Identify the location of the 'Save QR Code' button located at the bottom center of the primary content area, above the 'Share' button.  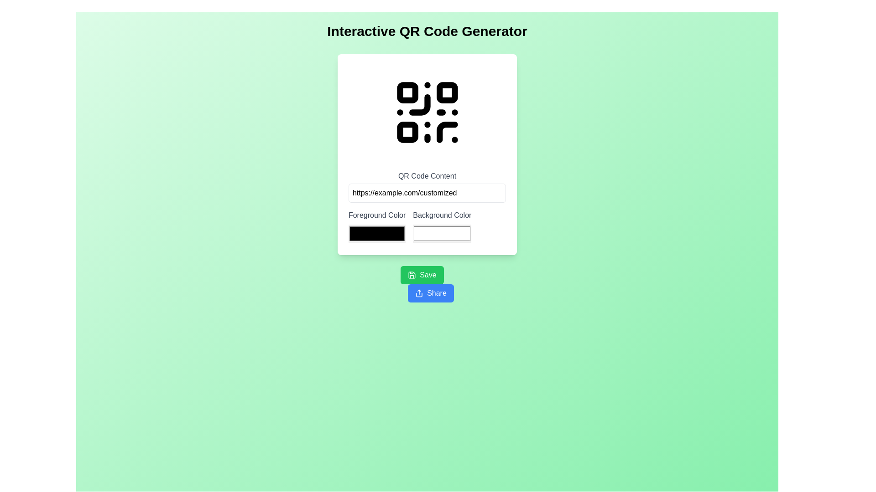
(422, 275).